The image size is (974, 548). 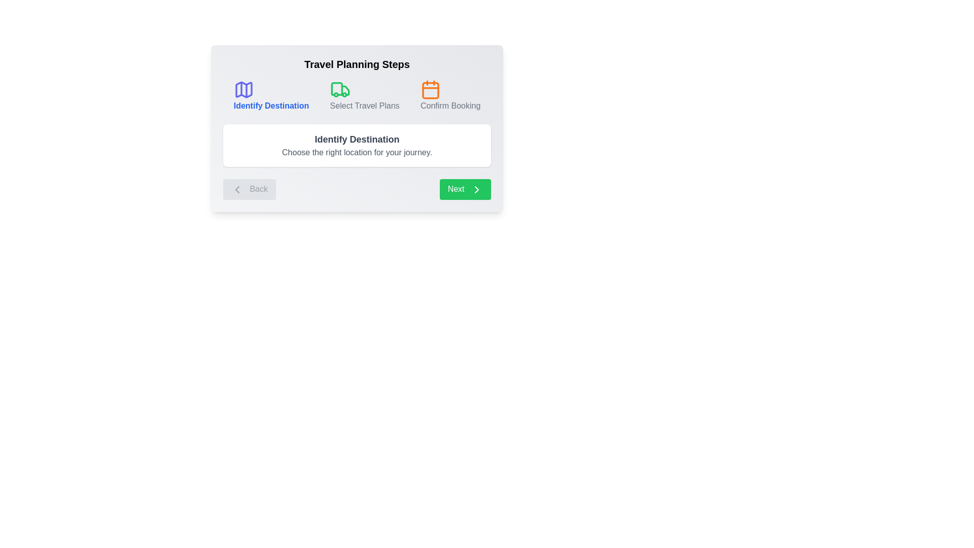 What do you see at coordinates (340, 89) in the screenshot?
I see `the truck icon with a green outline located under 'Select Travel Plans' in the top navigation bar labeled 'Travel Planning Steps'` at bounding box center [340, 89].